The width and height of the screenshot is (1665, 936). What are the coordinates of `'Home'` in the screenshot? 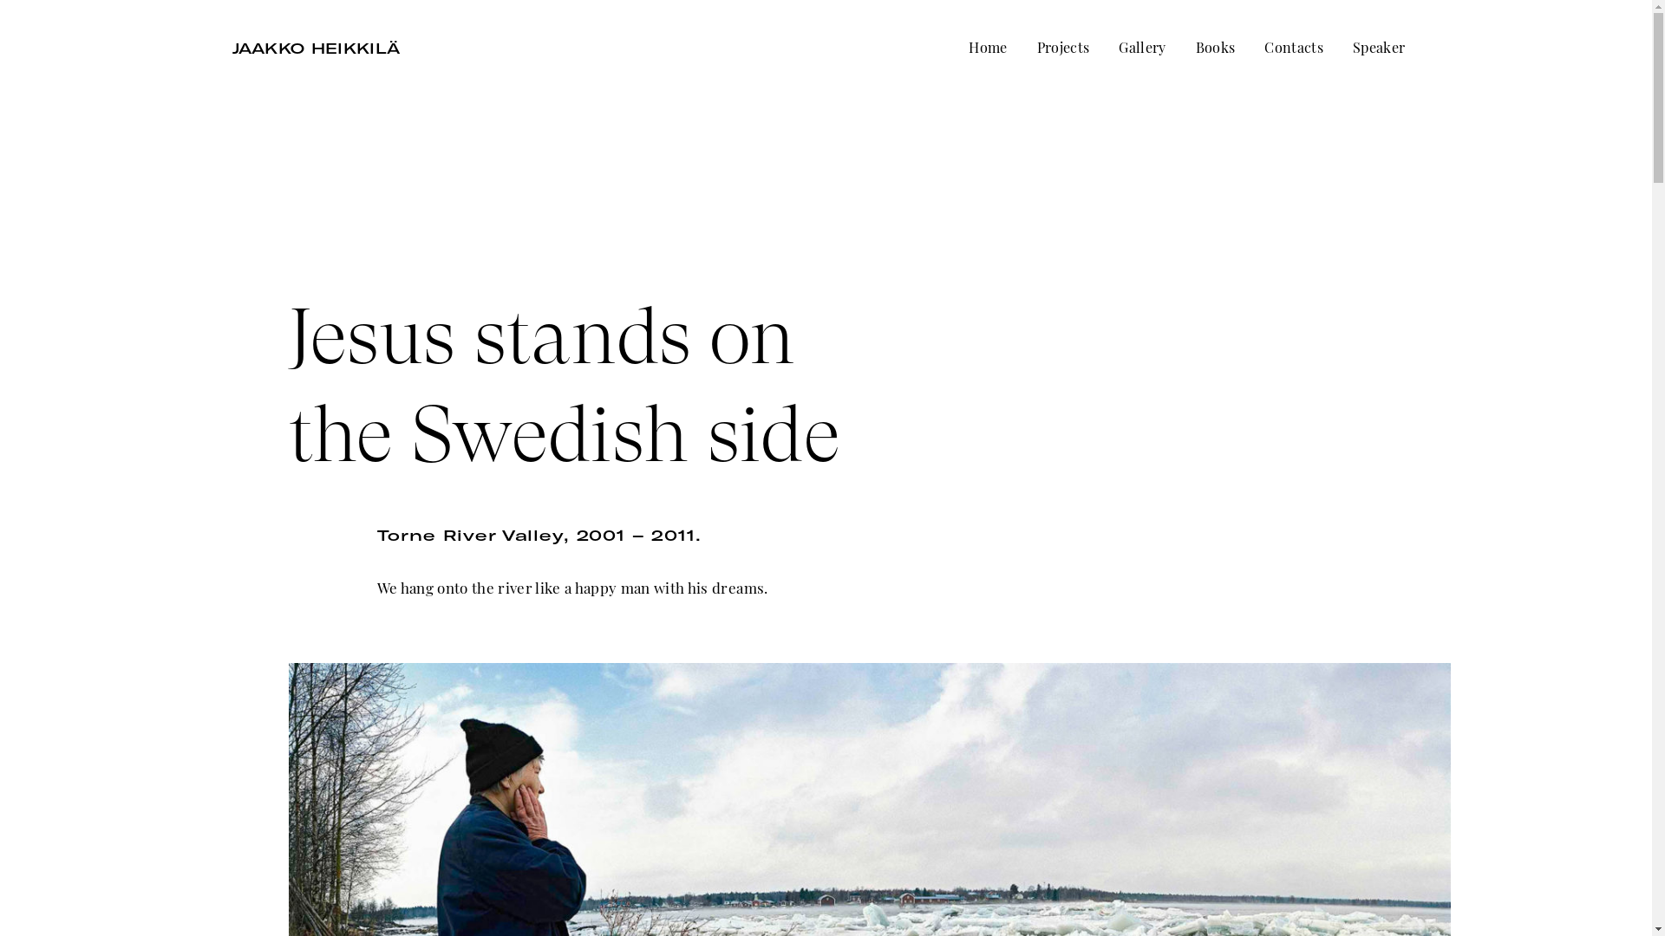 It's located at (988, 48).